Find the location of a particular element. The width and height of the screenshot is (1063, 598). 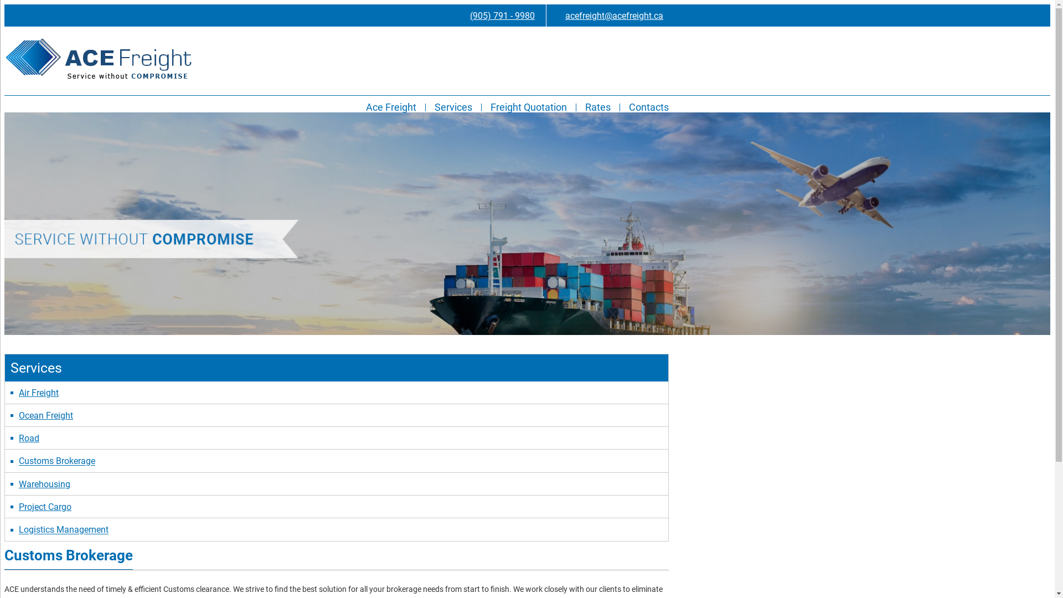

'Ocean Freight' is located at coordinates (45, 415).